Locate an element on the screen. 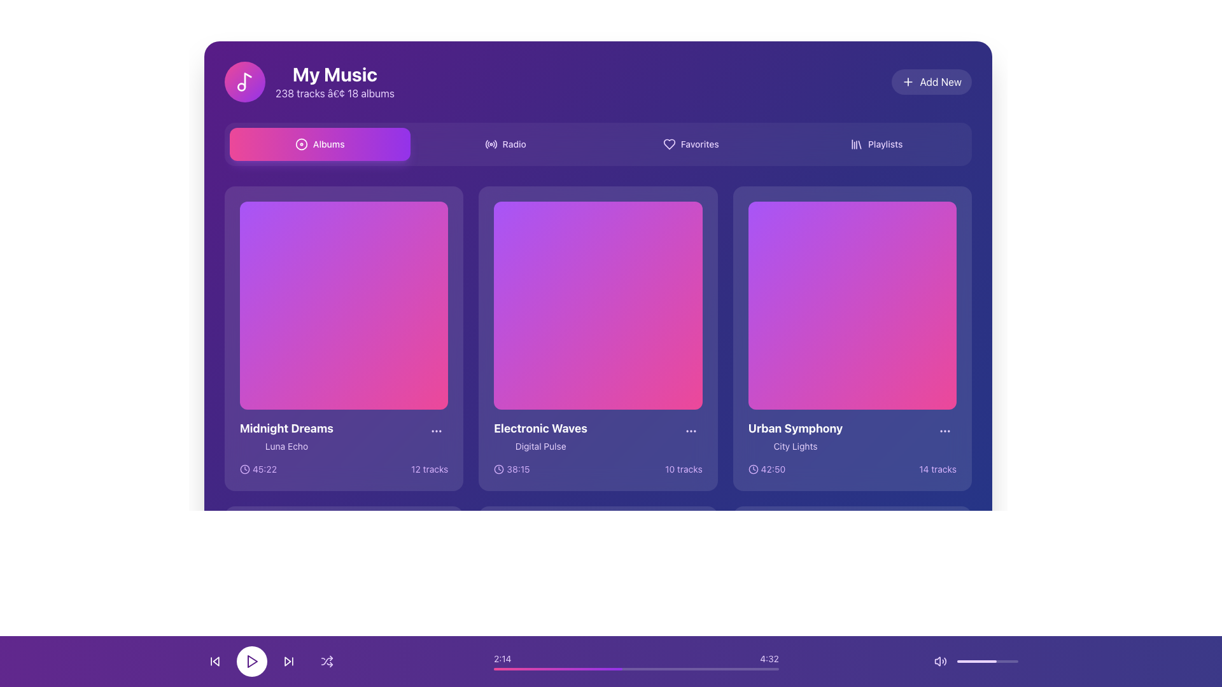 The width and height of the screenshot is (1222, 687). the SVG Icon that visually distinguishes the 'Playlists' navigation tab, located to the left of the text label 'Playlists' in the rightmost navigation tab is located at coordinates (856, 144).